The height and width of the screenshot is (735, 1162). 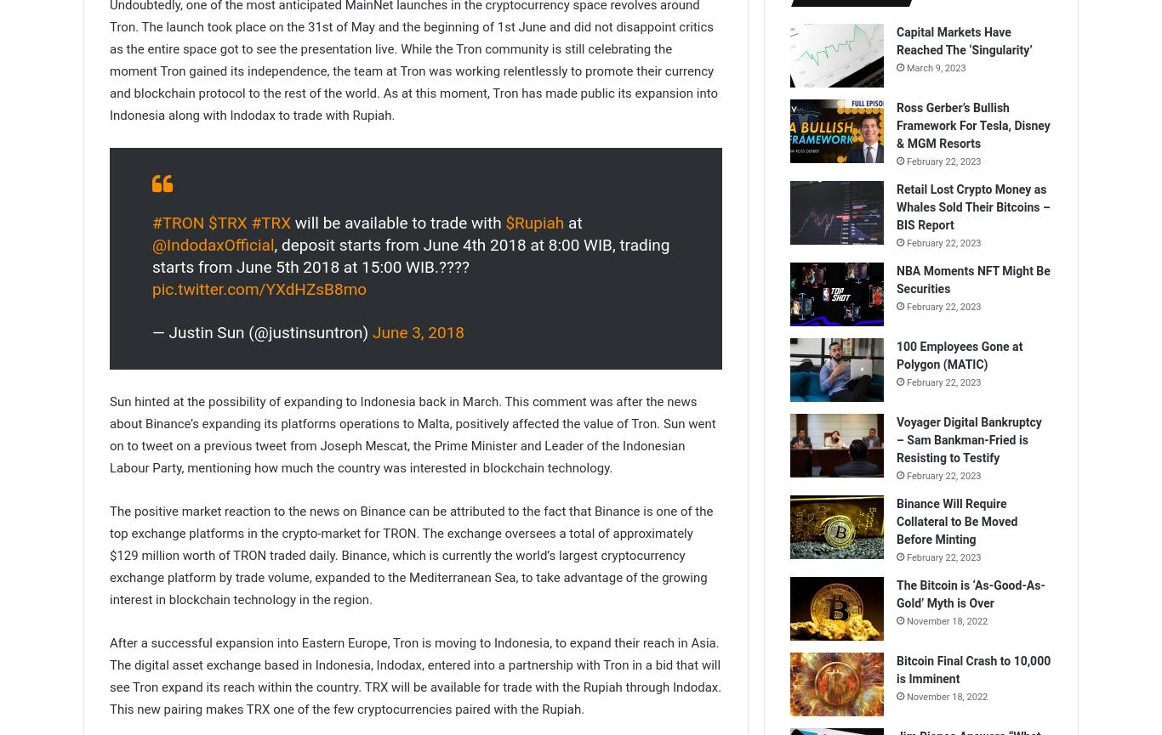 I want to click on 'Ross Gerber’s Bullish Framework For Tesla, Disney & MGM Resorts', so click(x=973, y=125).